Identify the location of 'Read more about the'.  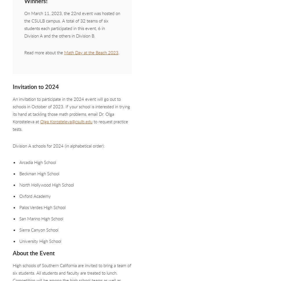
(44, 52).